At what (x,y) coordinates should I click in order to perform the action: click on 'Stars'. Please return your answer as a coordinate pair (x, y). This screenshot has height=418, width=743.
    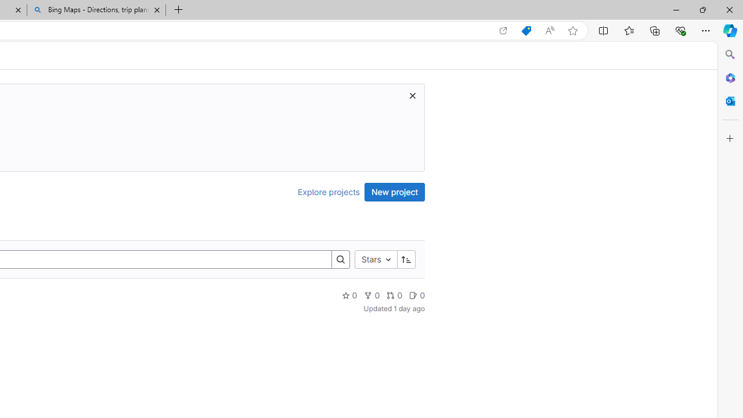
    Looking at the image, I should click on (376, 258).